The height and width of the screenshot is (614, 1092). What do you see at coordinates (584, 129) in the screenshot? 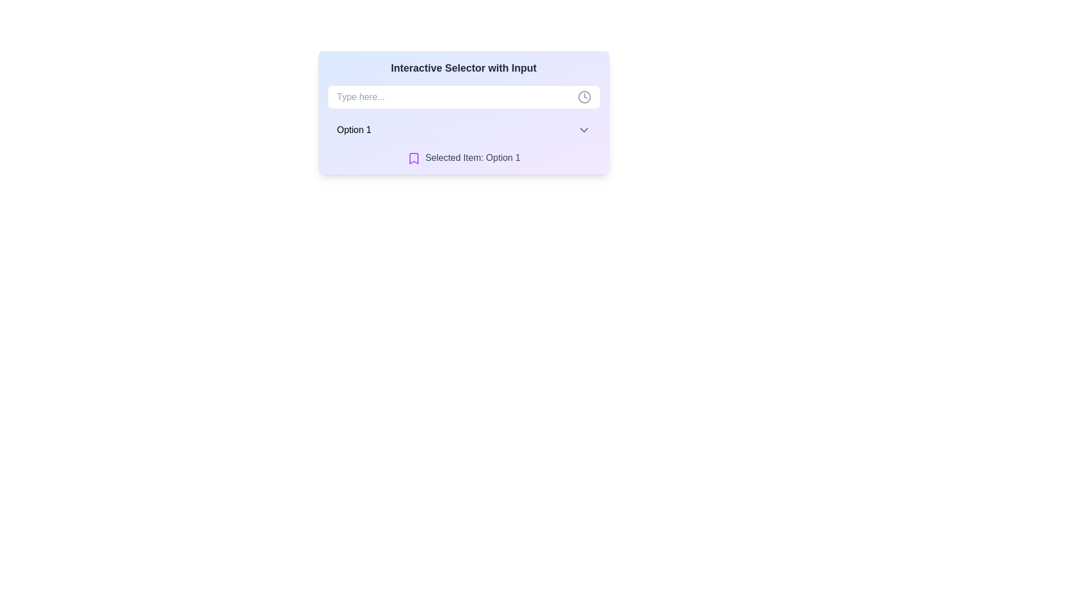
I see `the icon located on the right side of the dropdown field labeled 'Option 1'` at bounding box center [584, 129].